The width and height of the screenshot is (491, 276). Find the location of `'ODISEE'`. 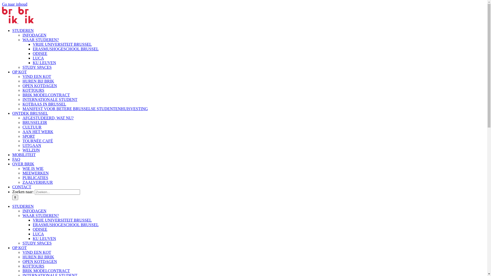

'ODISEE' is located at coordinates (40, 229).